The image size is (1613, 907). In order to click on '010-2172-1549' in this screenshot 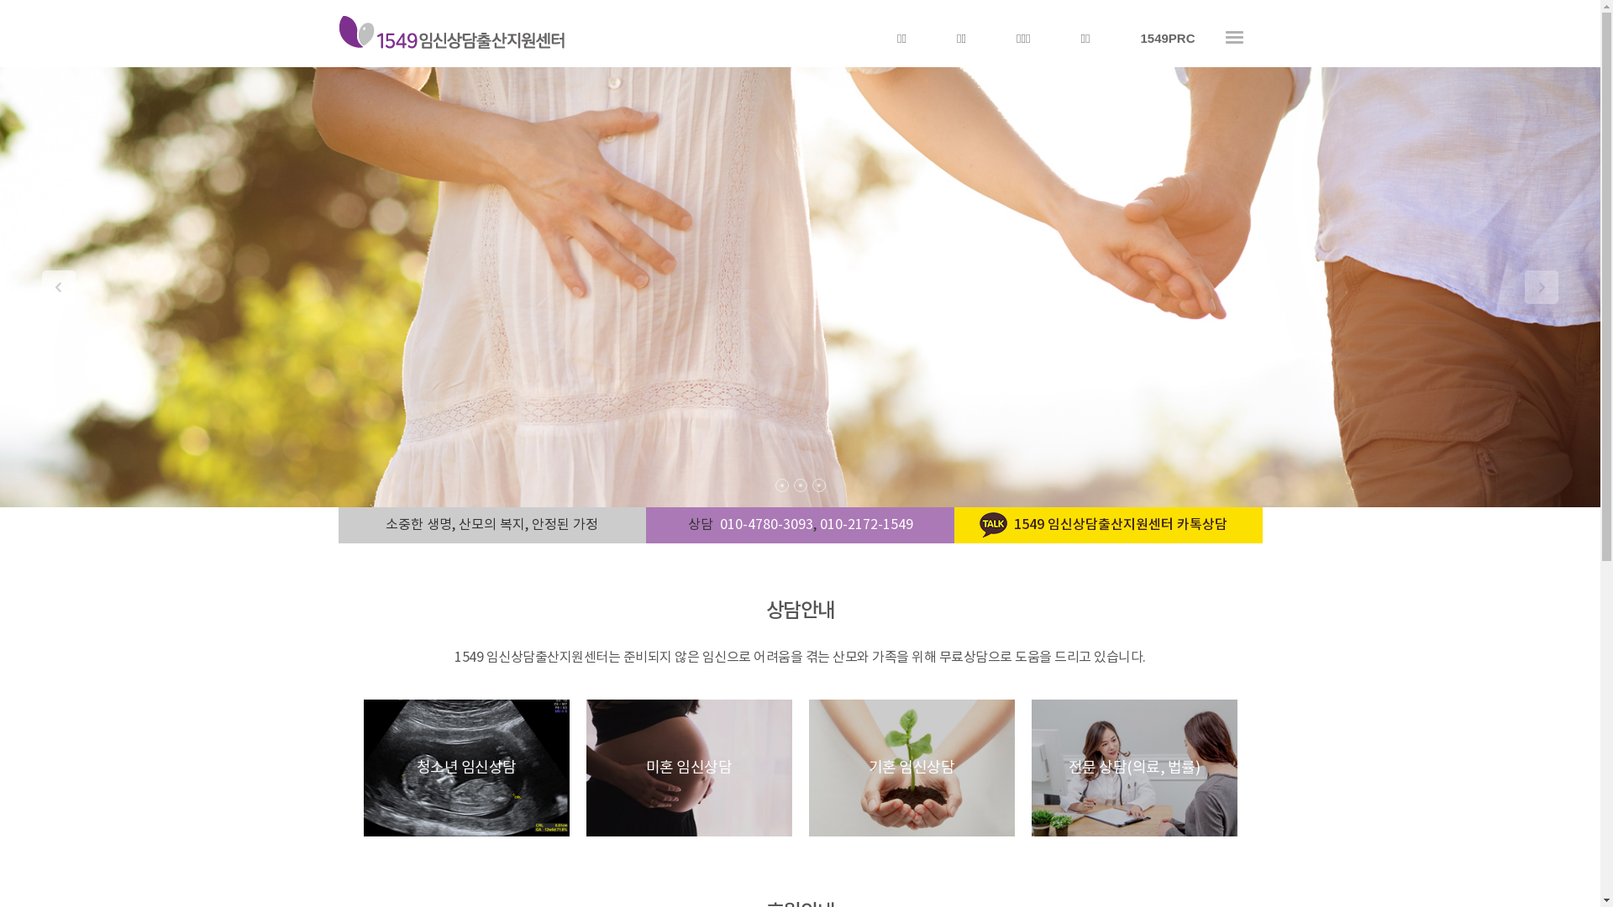, I will do `click(866, 523)`.